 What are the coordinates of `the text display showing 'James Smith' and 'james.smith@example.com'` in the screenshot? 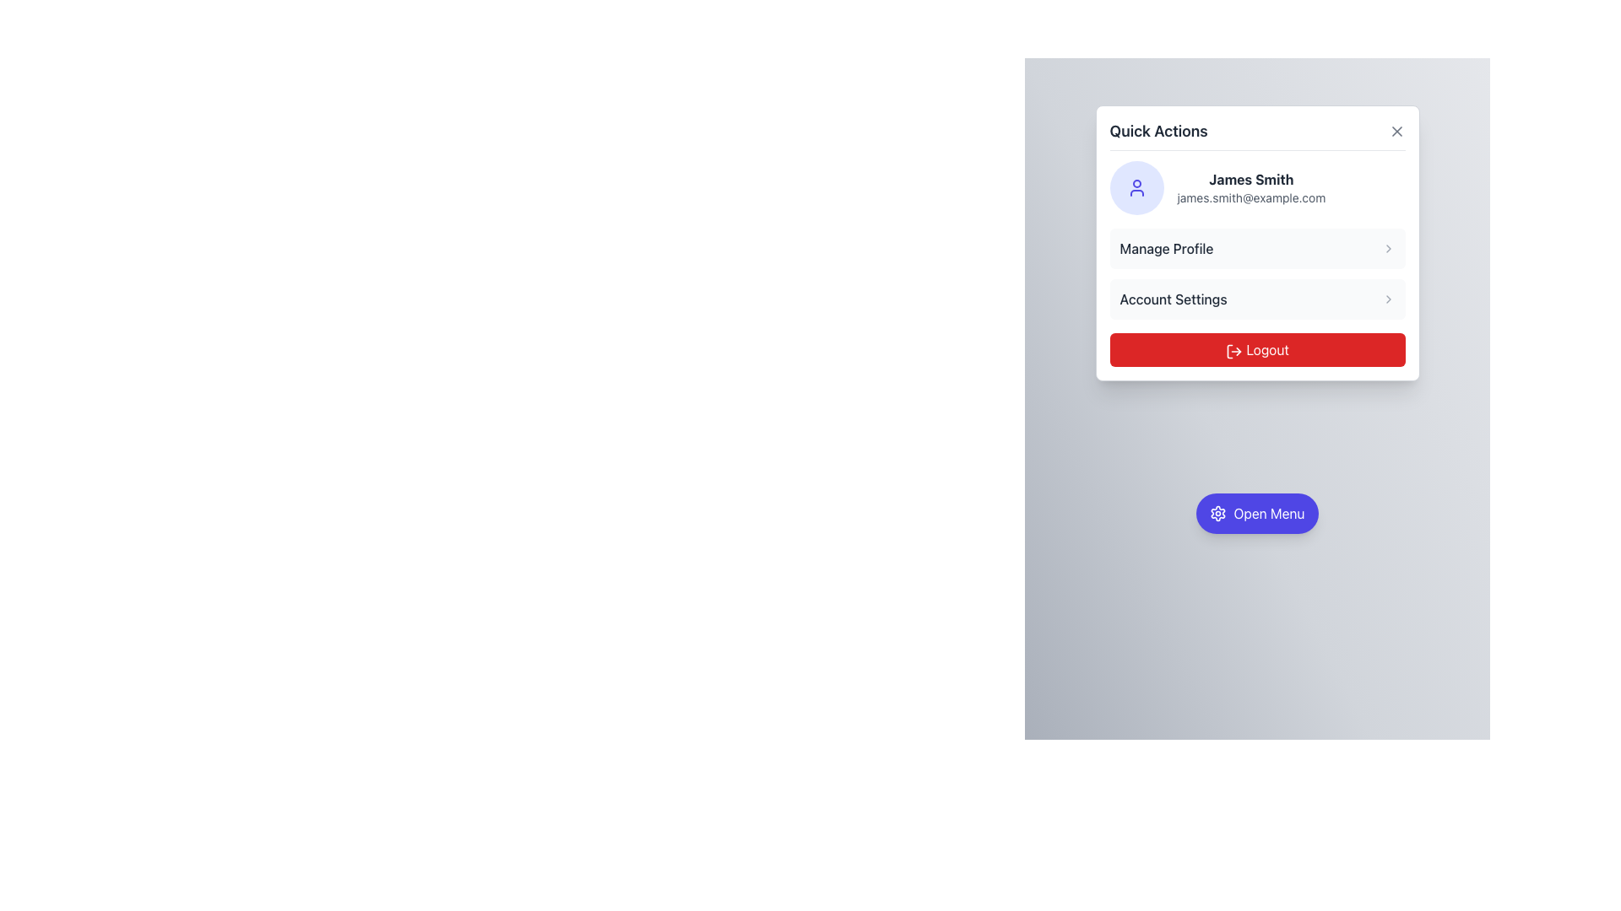 It's located at (1251, 188).